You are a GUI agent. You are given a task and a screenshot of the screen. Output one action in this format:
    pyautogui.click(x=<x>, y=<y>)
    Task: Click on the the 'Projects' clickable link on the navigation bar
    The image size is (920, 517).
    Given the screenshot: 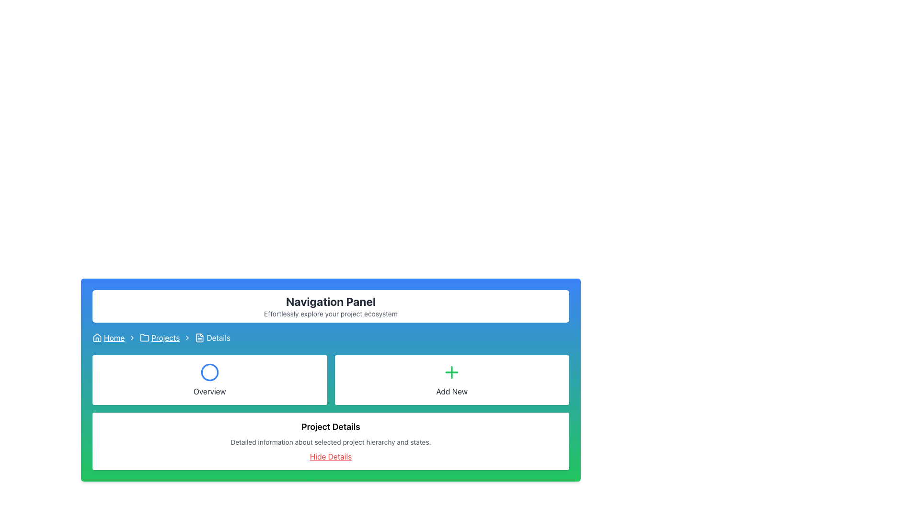 What is the action you would take?
    pyautogui.click(x=160, y=337)
    